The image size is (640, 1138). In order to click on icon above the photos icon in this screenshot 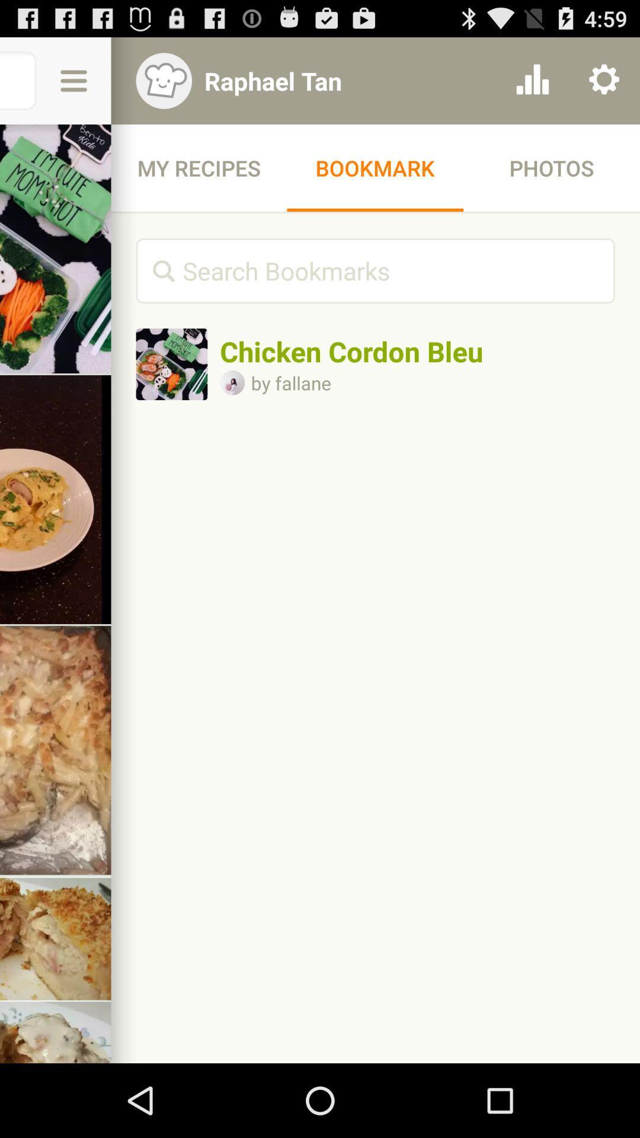, I will do `click(532, 80)`.